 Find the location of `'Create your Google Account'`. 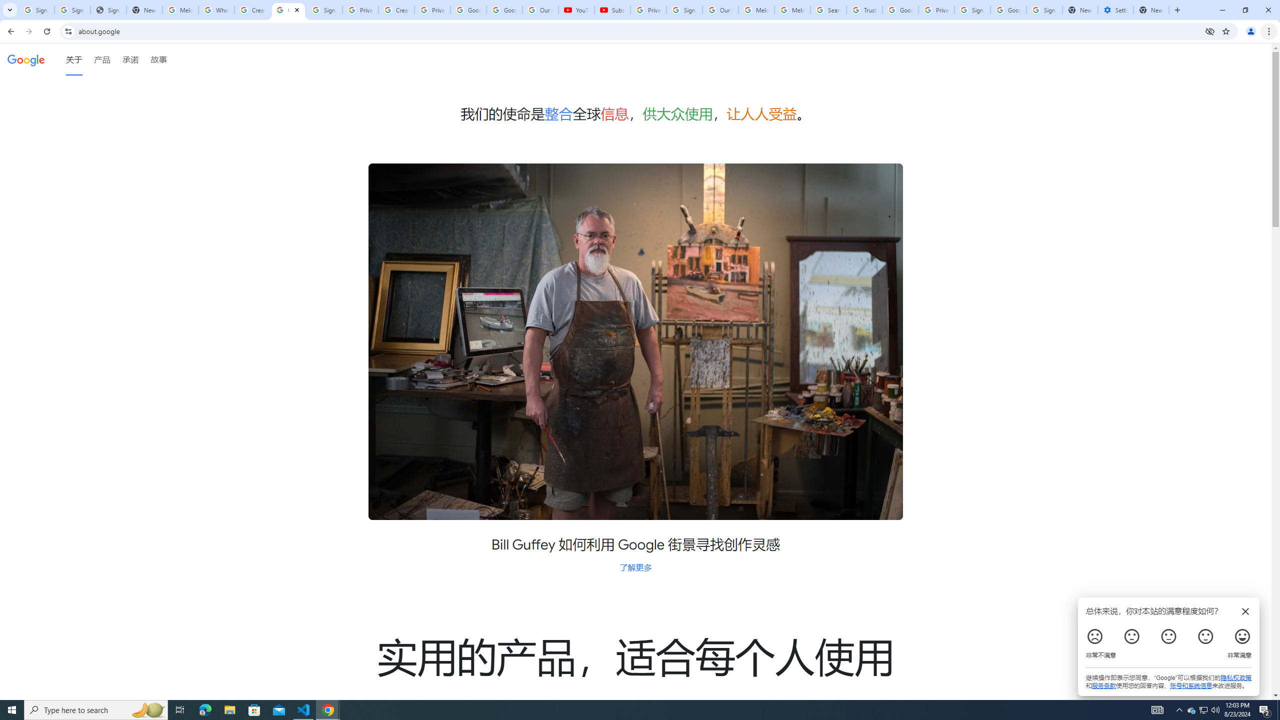

'Create your Google Account' is located at coordinates (395, 9).